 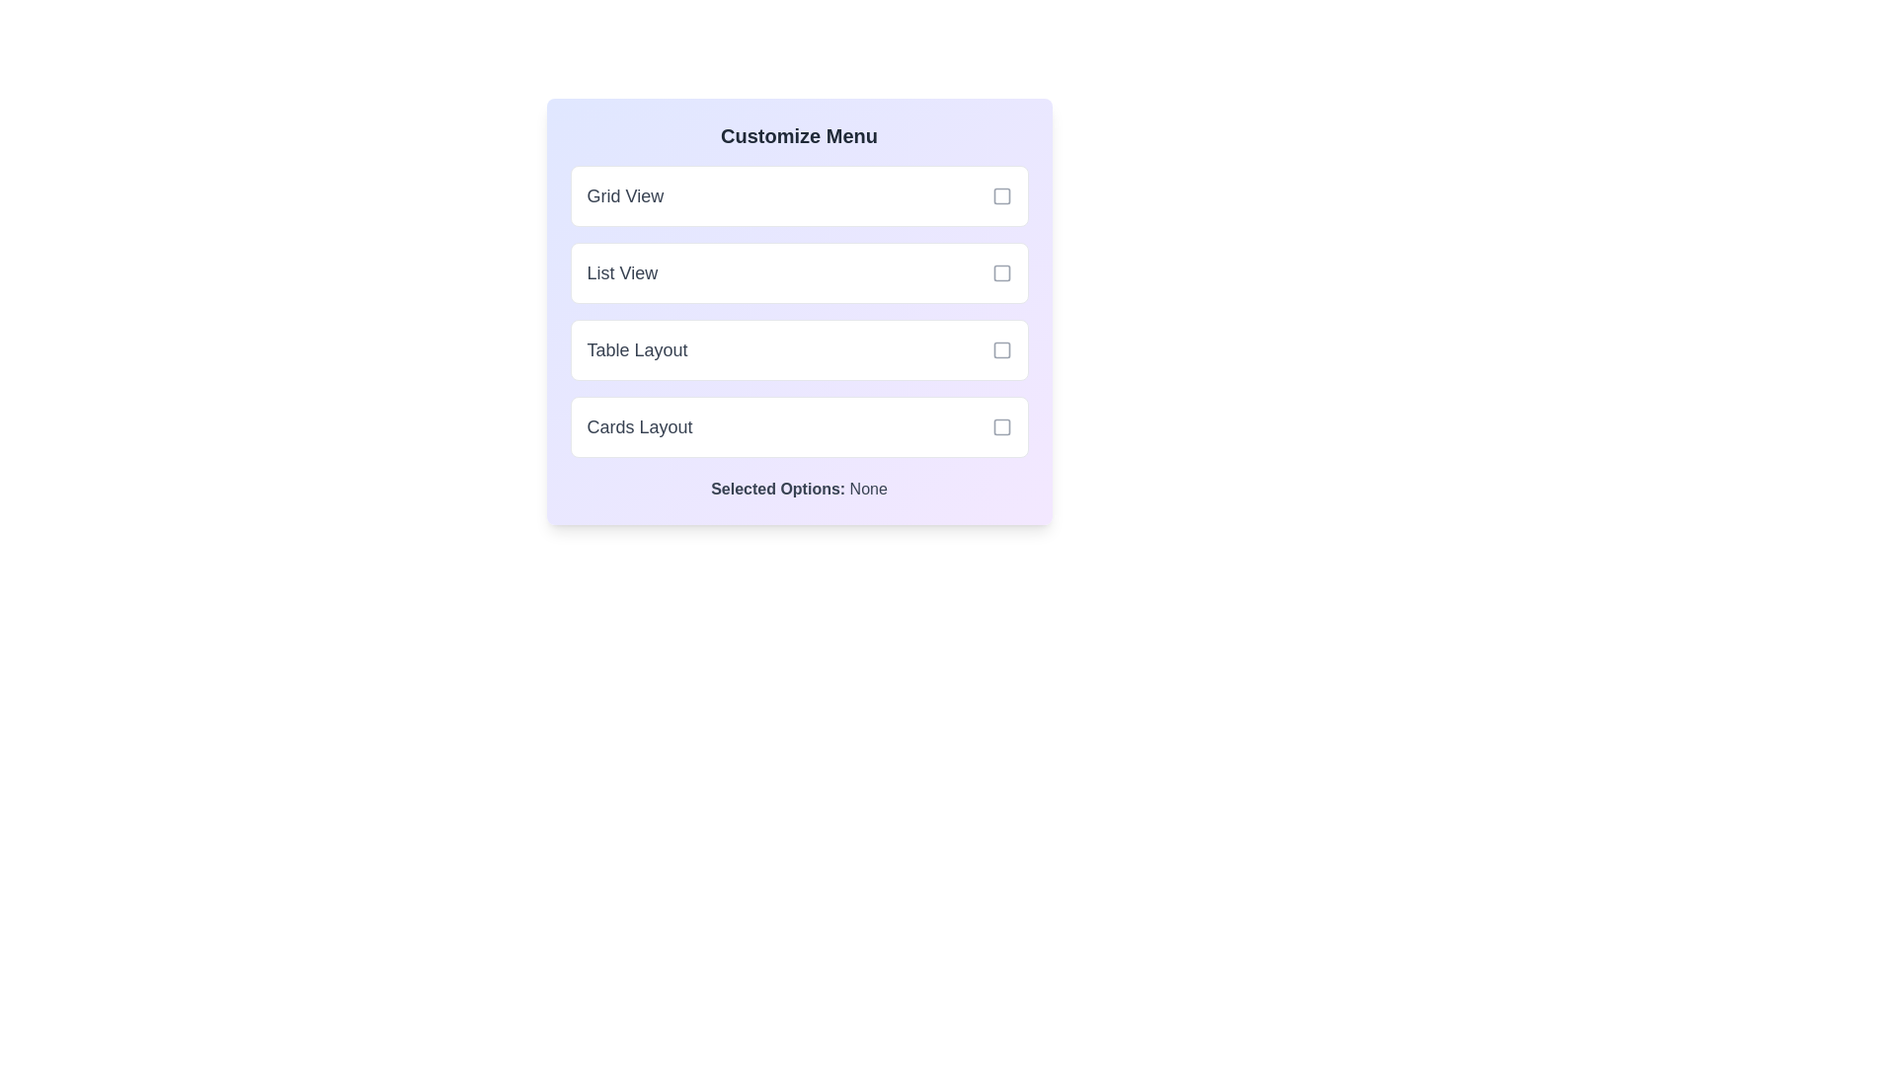 What do you see at coordinates (799, 425) in the screenshot?
I see `the fourth selectable option in the 'Customize Menu'` at bounding box center [799, 425].